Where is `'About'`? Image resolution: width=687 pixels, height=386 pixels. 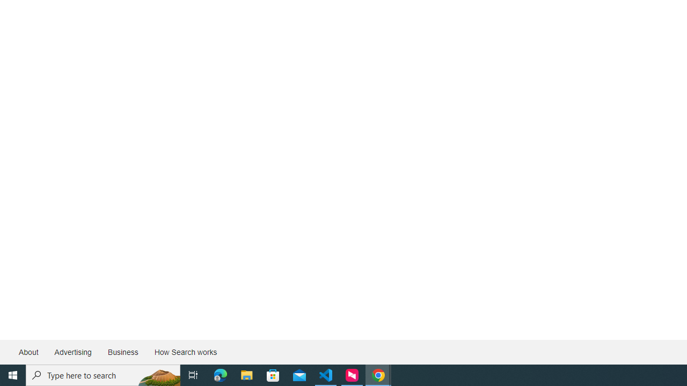 'About' is located at coordinates (28, 352).